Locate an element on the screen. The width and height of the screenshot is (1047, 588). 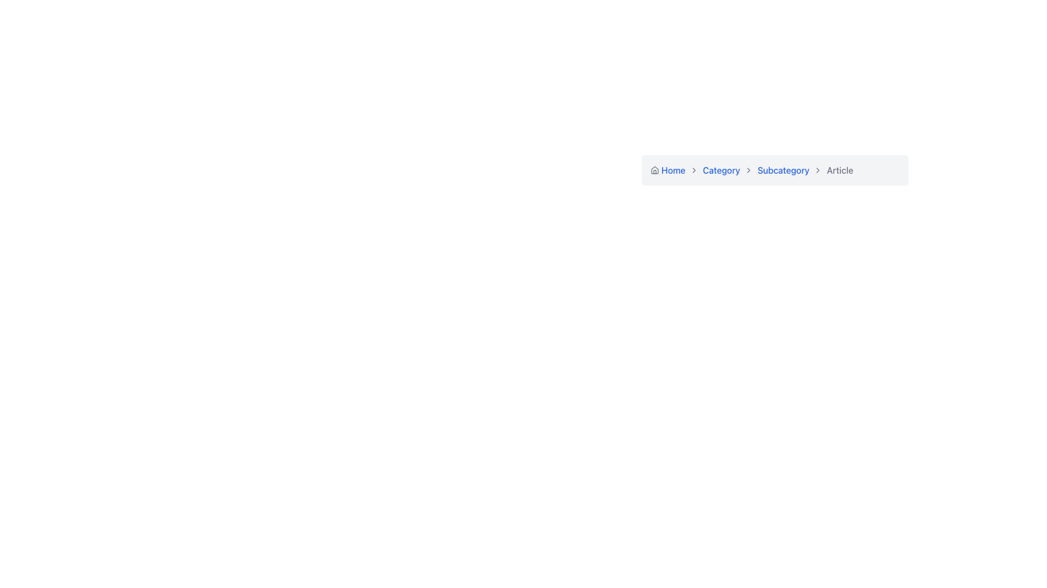
the clickable text labeled 'Category' in the breadcrumb navigation is located at coordinates (721, 170).